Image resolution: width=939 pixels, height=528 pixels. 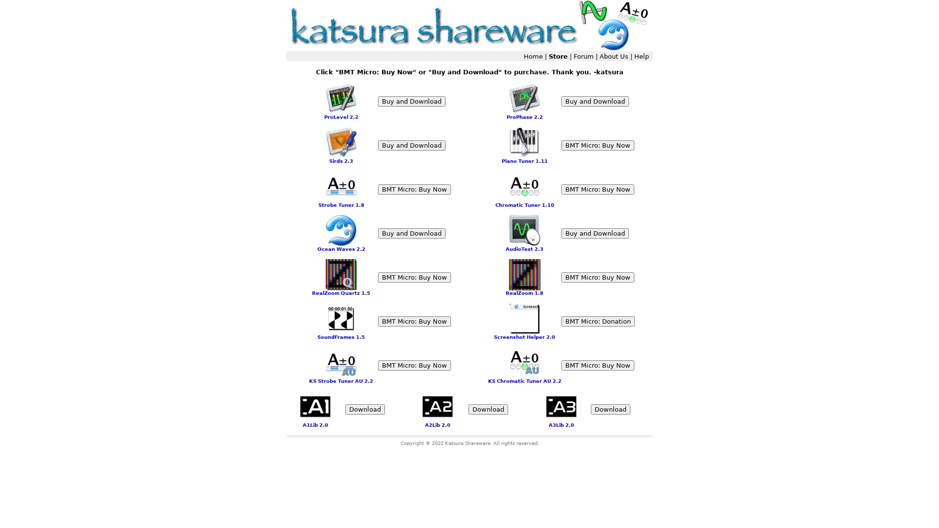 What do you see at coordinates (364, 409) in the screenshot?
I see `Download` at bounding box center [364, 409].